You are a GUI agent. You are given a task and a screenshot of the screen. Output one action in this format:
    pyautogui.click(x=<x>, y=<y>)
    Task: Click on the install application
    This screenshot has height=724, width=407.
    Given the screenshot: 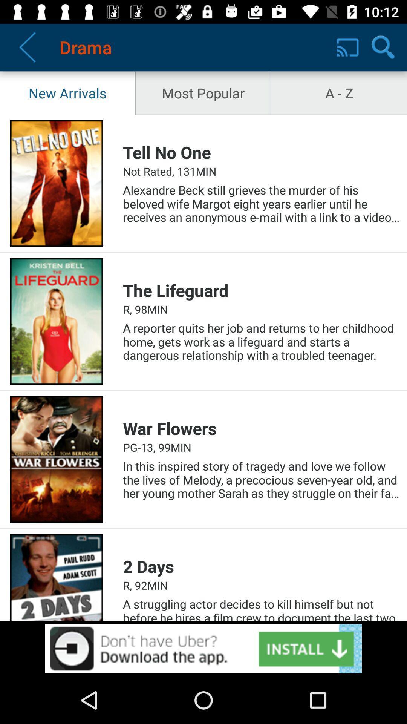 What is the action you would take?
    pyautogui.click(x=203, y=648)
    